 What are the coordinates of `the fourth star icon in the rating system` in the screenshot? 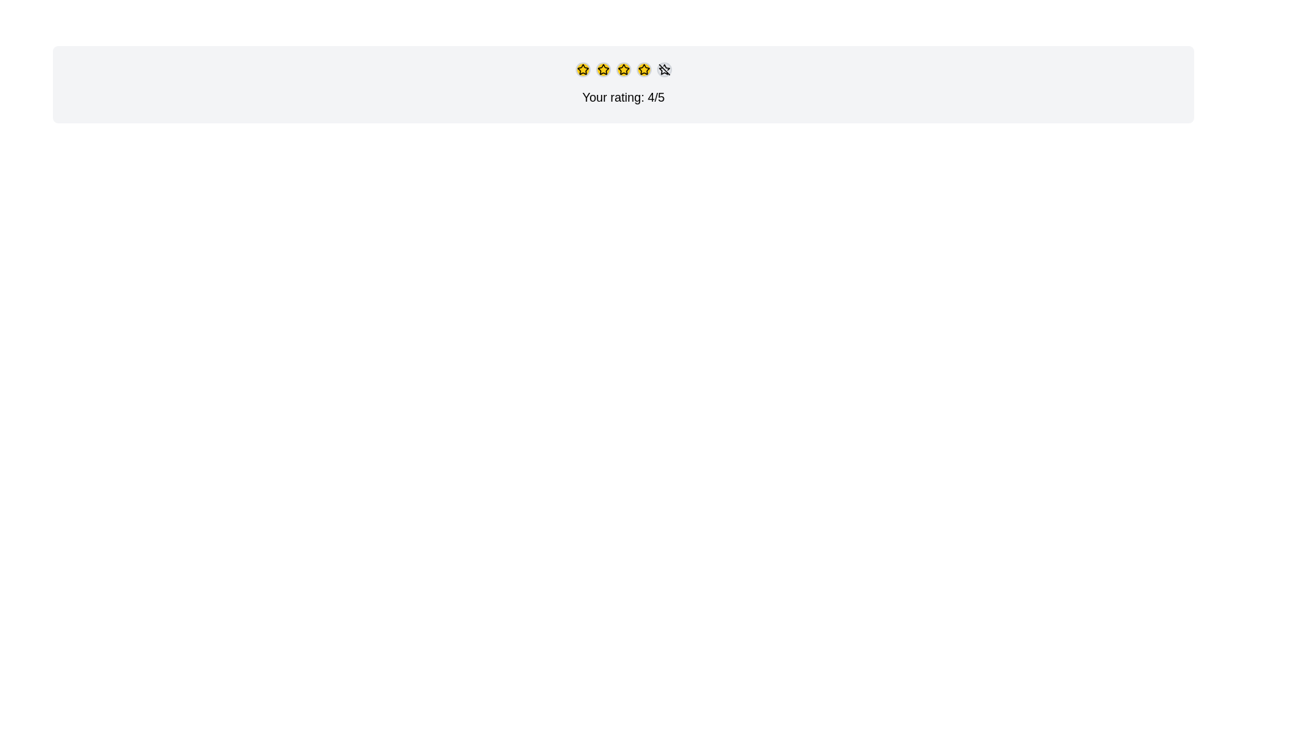 It's located at (623, 69).